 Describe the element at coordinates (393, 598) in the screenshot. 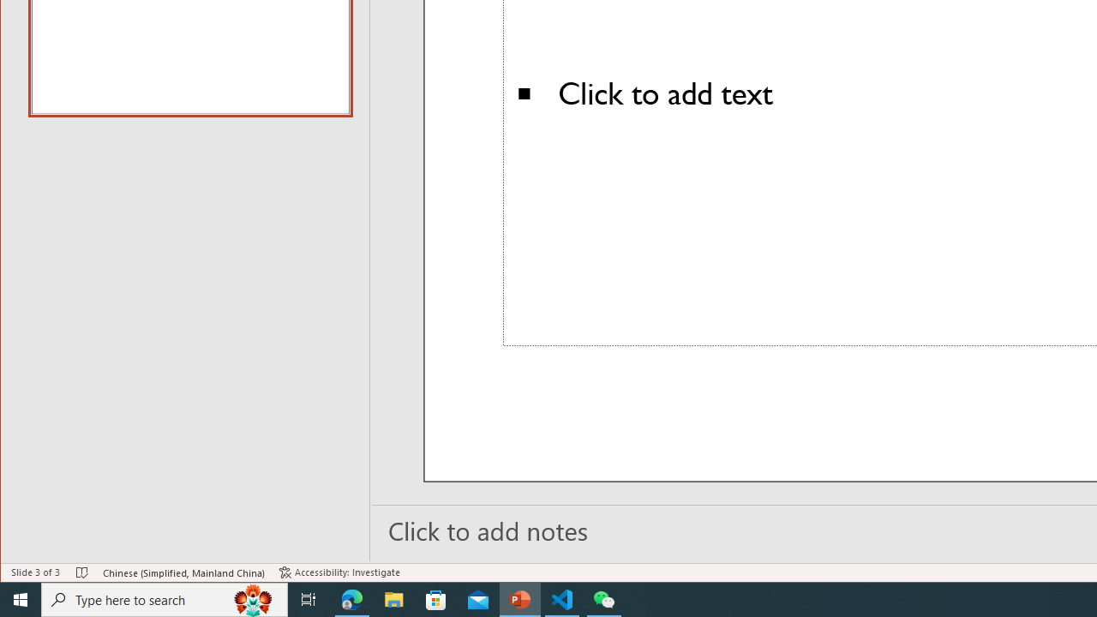

I see `'File Explorer'` at that location.